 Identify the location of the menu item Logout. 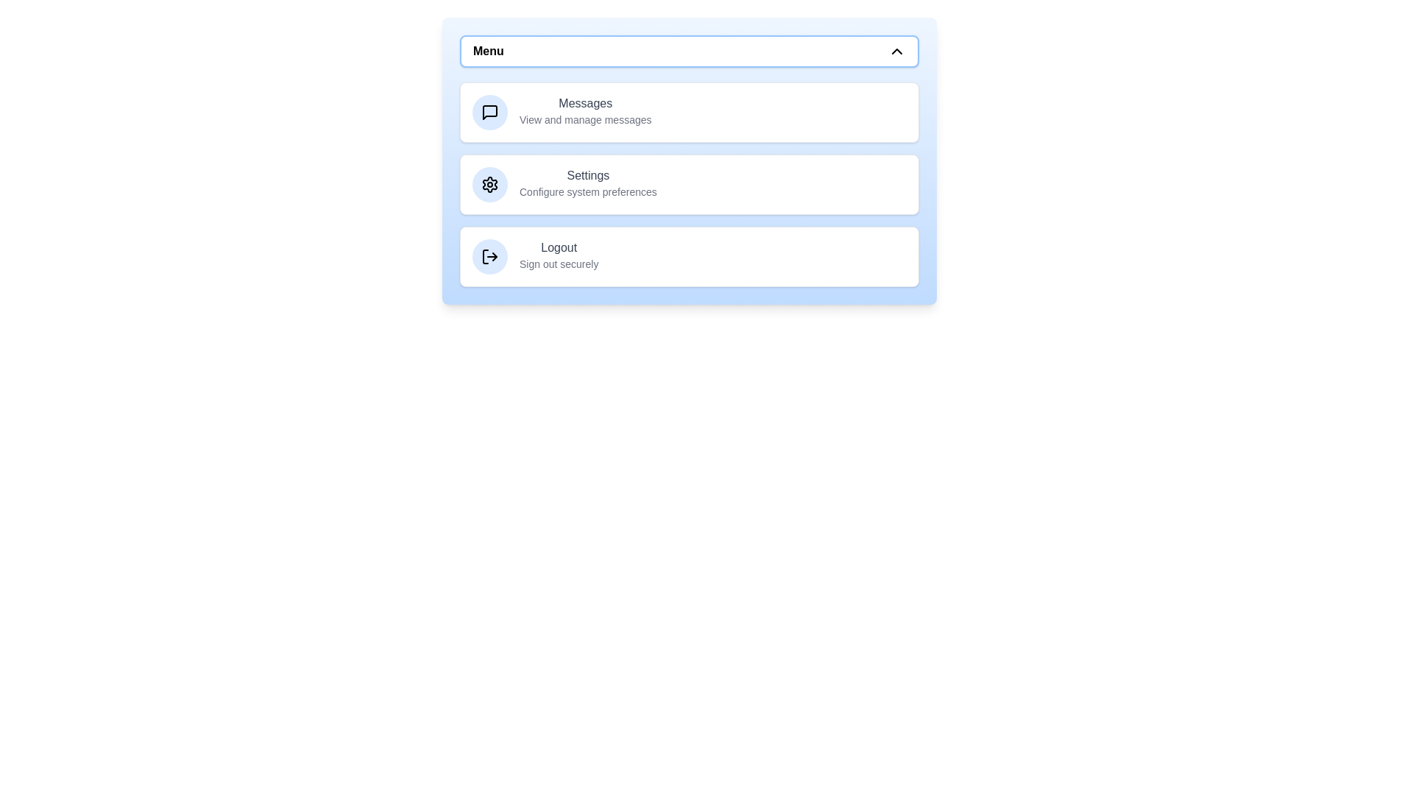
(688, 255).